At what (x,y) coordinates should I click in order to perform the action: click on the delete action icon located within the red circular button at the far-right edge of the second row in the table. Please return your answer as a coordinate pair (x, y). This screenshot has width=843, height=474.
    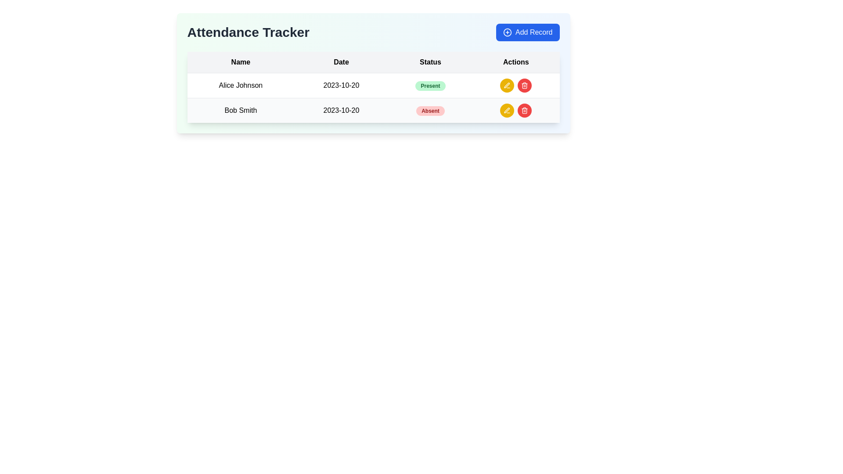
    Looking at the image, I should click on (525, 110).